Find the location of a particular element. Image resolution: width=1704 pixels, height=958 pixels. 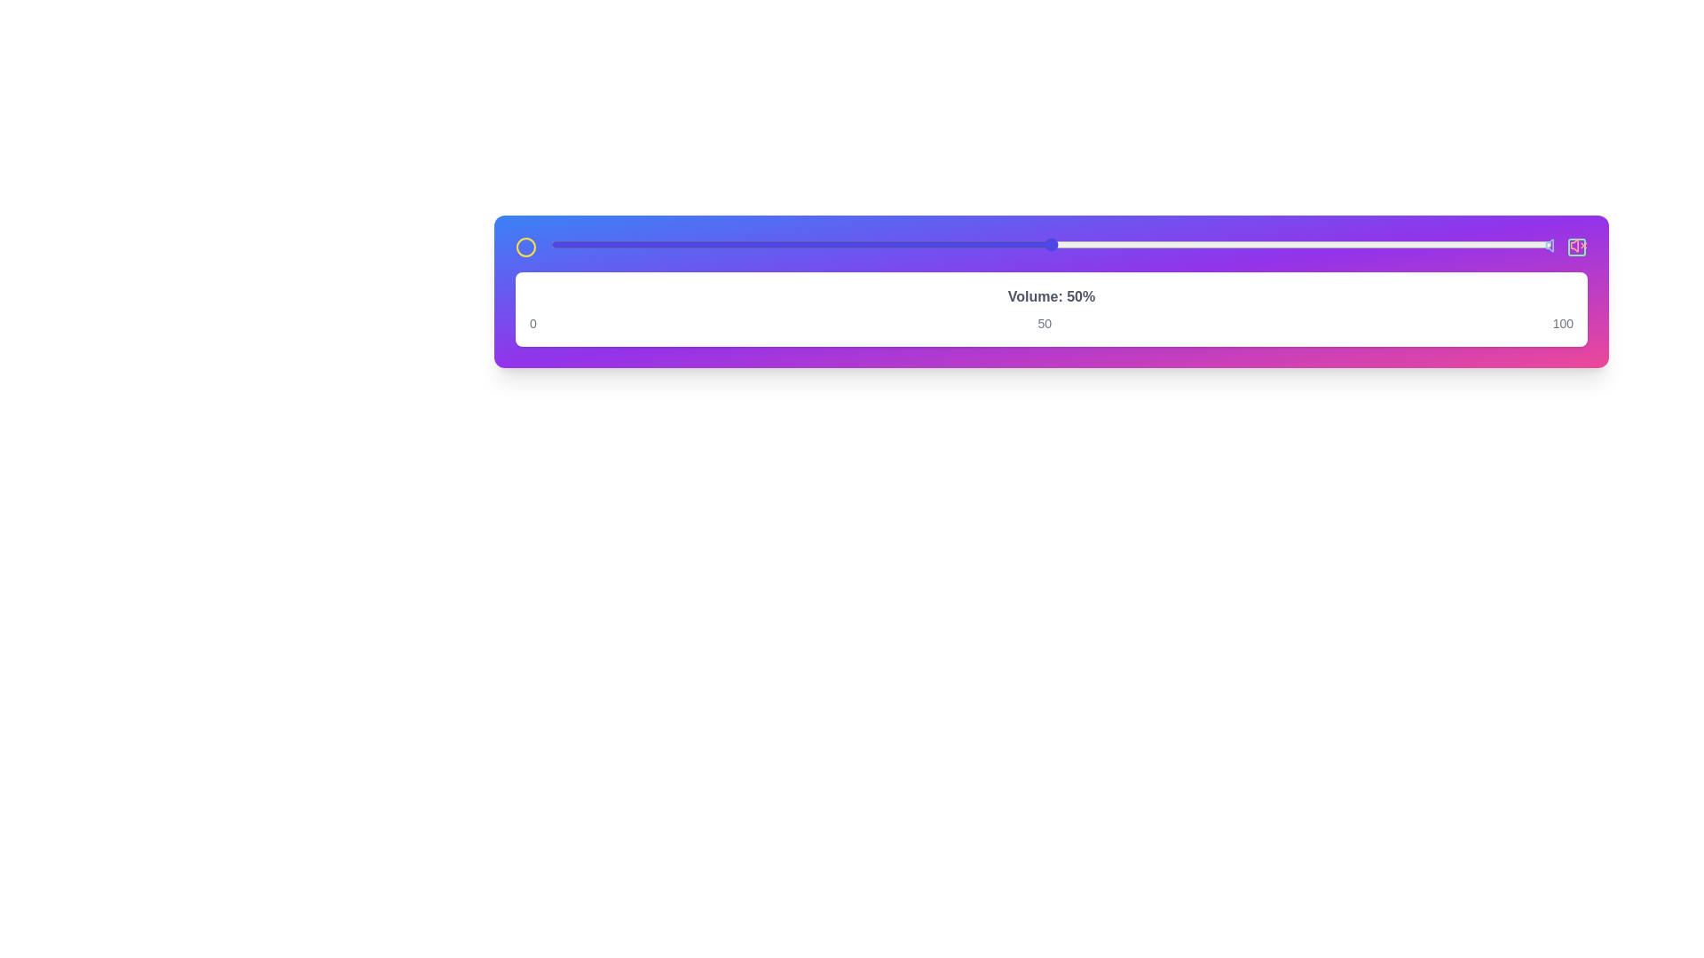

the slider to 74% is located at coordinates (1291, 245).